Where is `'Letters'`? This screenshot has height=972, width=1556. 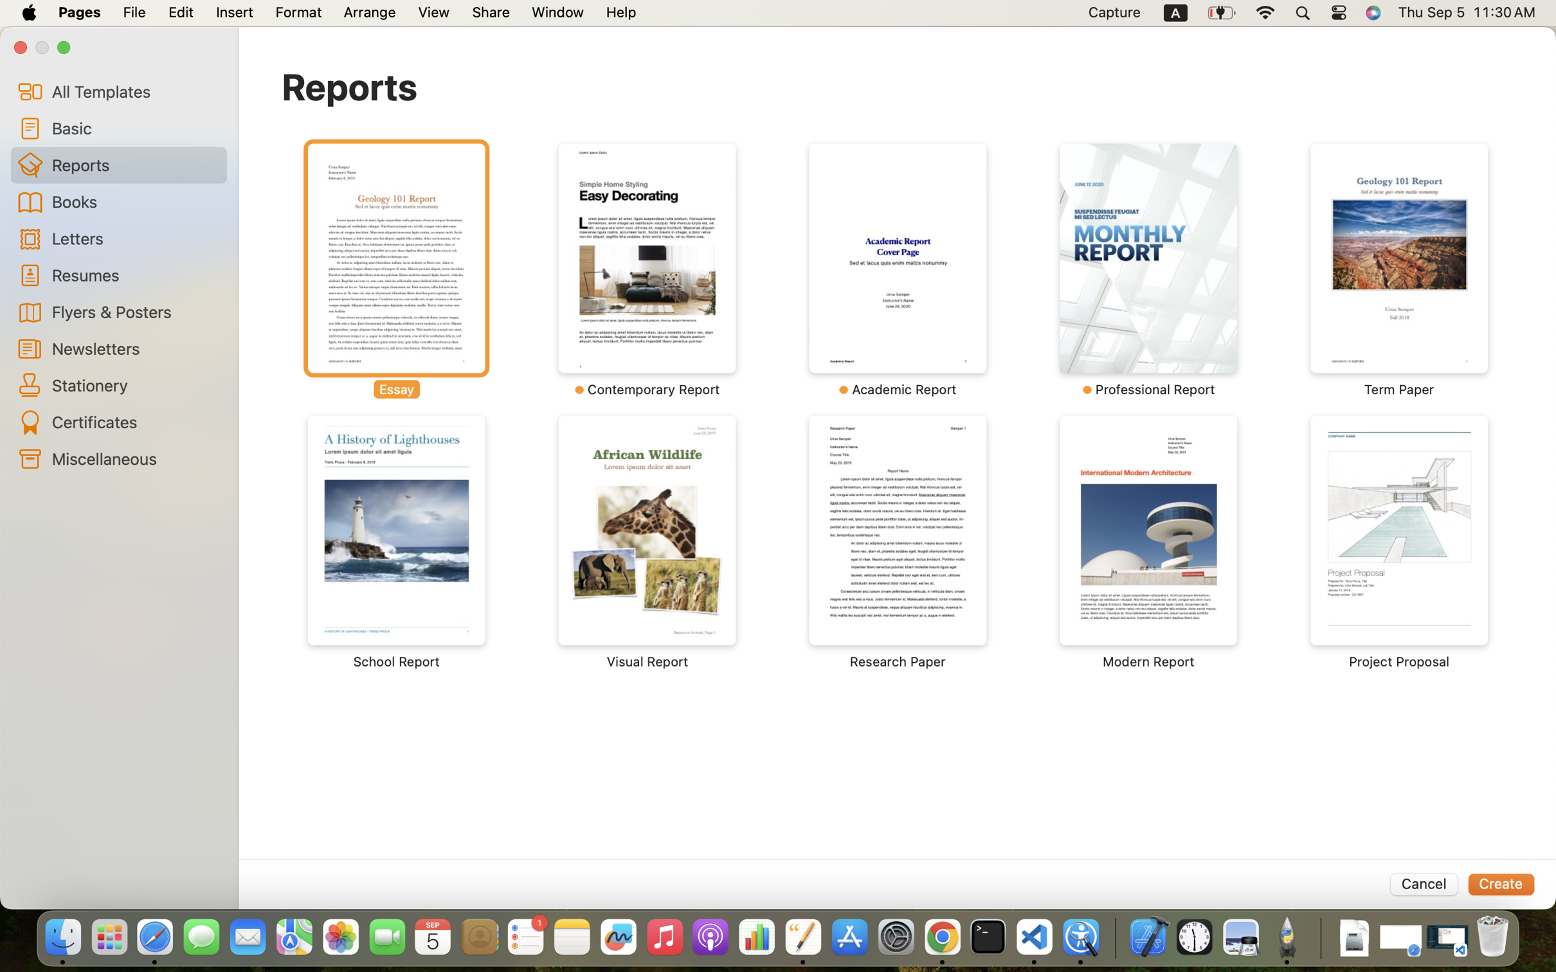
'Letters' is located at coordinates (134, 238).